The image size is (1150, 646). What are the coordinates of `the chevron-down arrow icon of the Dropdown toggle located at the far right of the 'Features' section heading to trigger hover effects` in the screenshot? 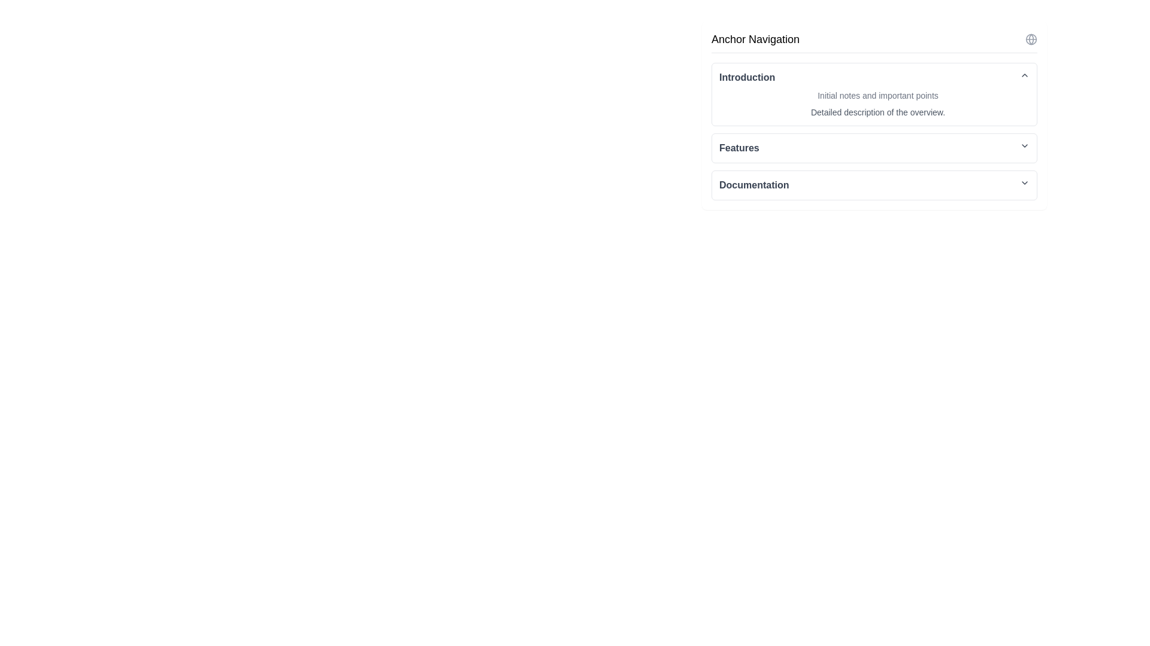 It's located at (1024, 145).